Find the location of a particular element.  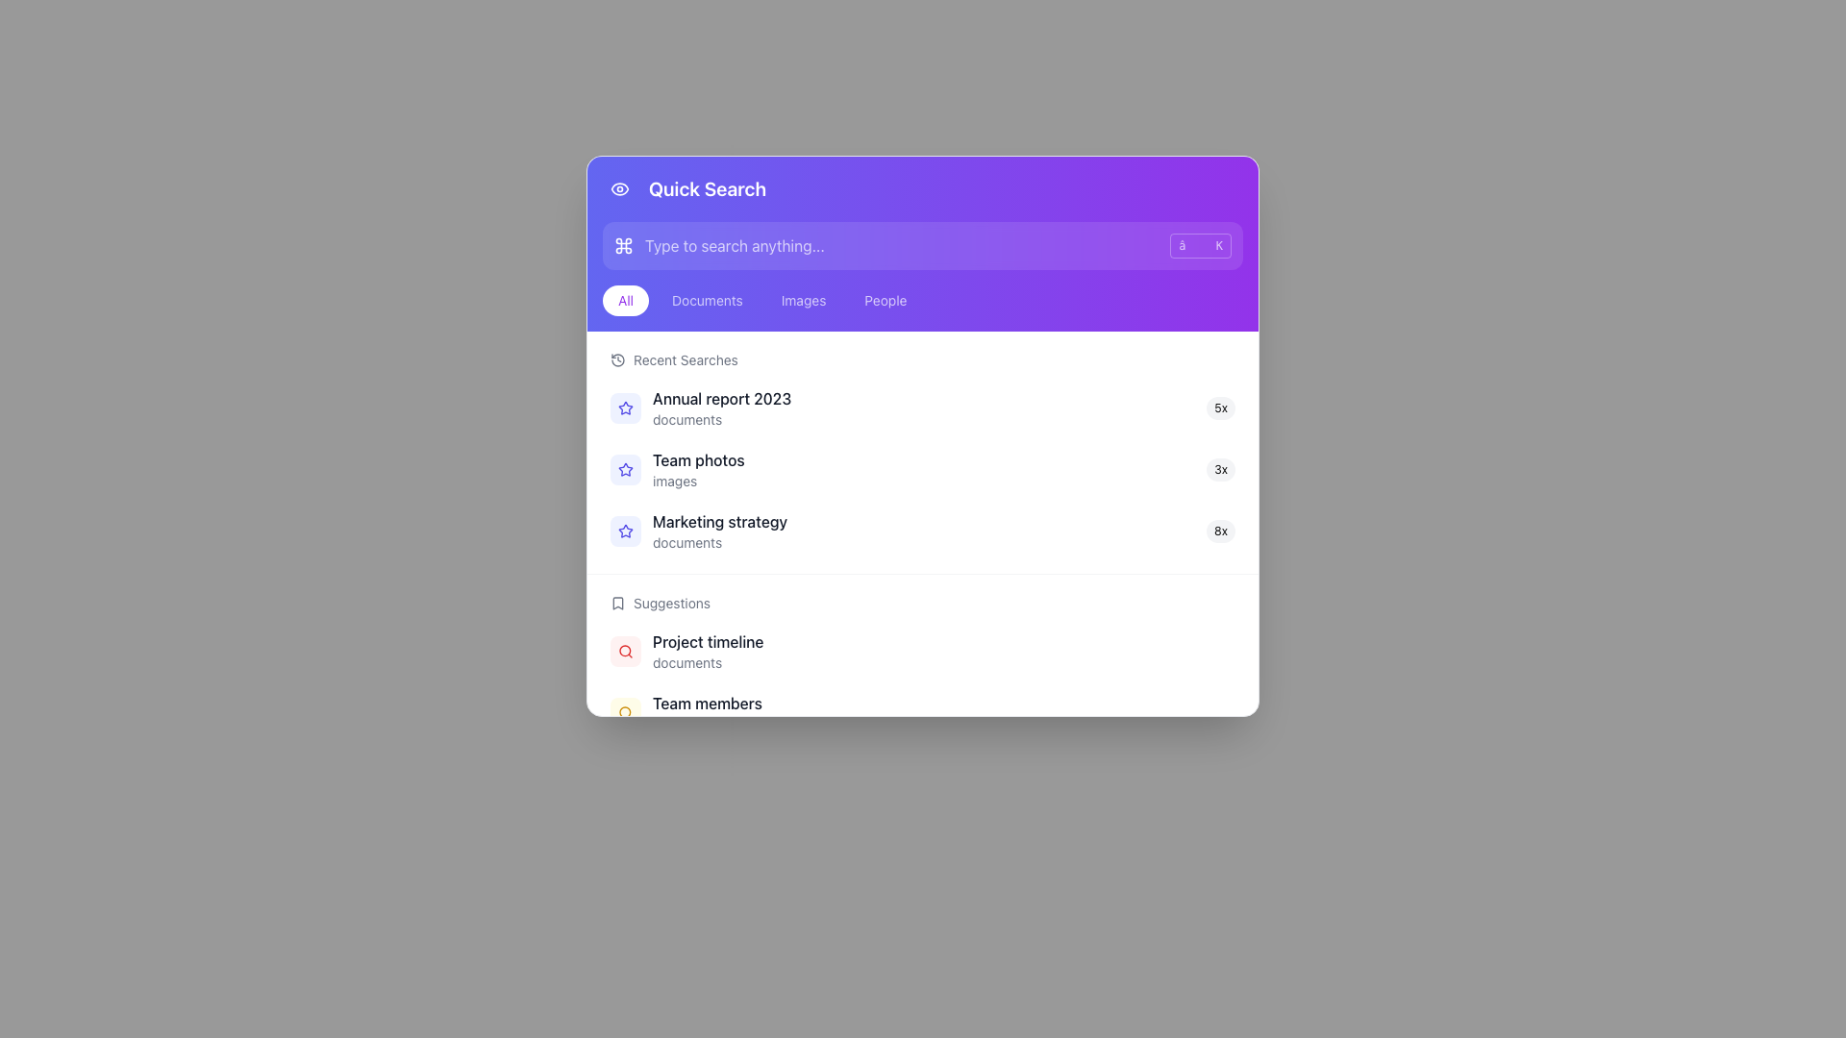

the star-shaped icon in the 'Recent Searches' section, which is the second item in the list and located to the left of the 'Team photos' text is located at coordinates (626, 531).